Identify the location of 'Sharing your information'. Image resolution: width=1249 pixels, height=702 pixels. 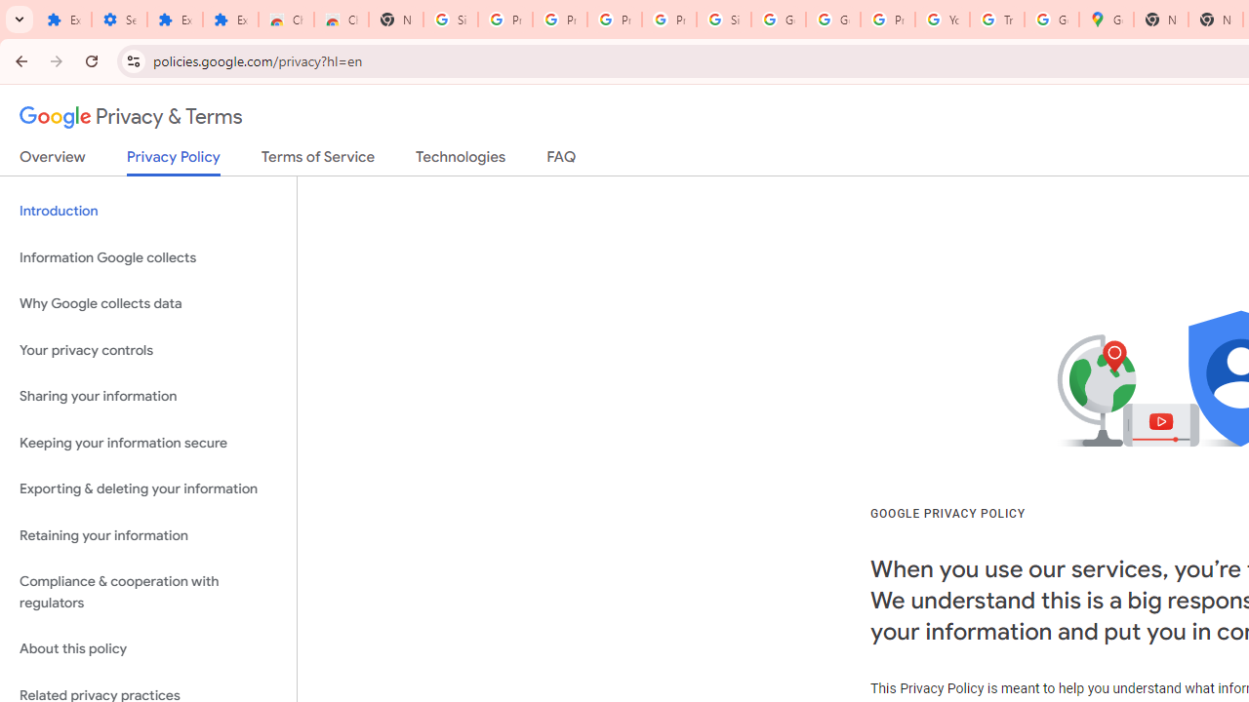
(147, 396).